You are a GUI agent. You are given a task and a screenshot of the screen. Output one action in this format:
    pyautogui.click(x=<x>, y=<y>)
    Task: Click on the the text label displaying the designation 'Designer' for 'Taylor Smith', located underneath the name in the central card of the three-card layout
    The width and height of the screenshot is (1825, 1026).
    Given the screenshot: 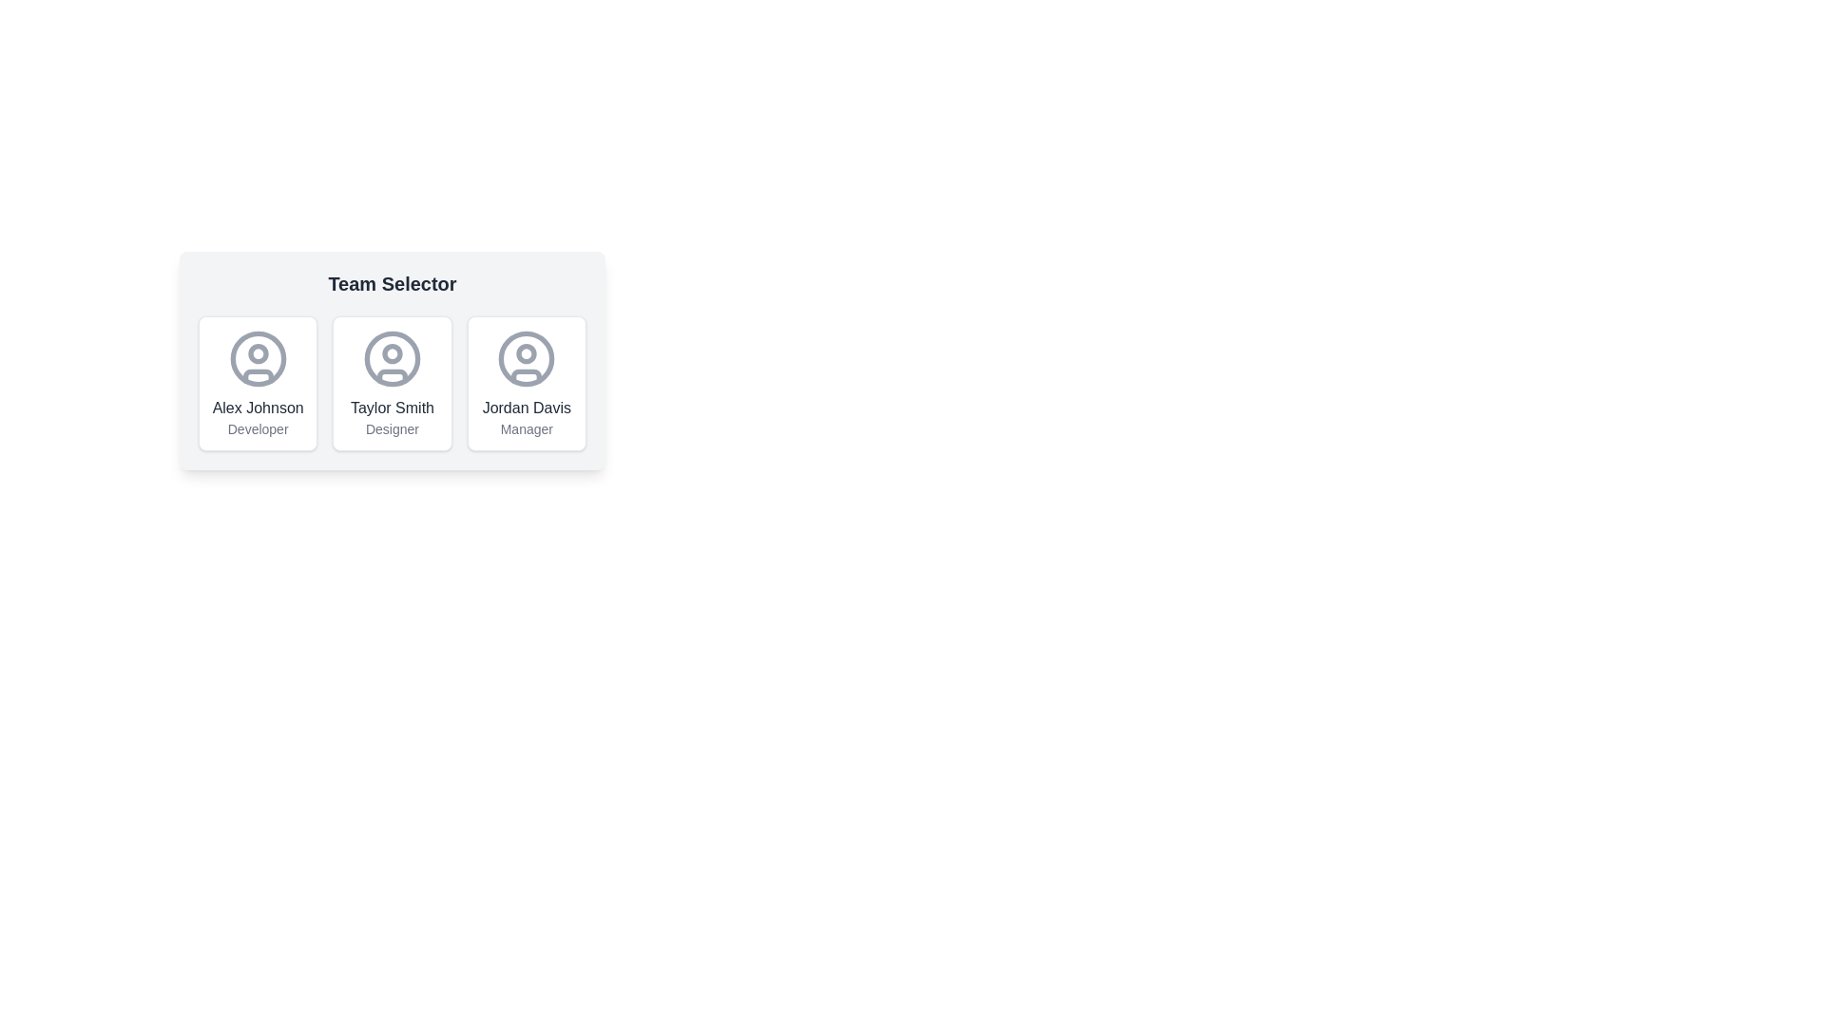 What is the action you would take?
    pyautogui.click(x=391, y=428)
    